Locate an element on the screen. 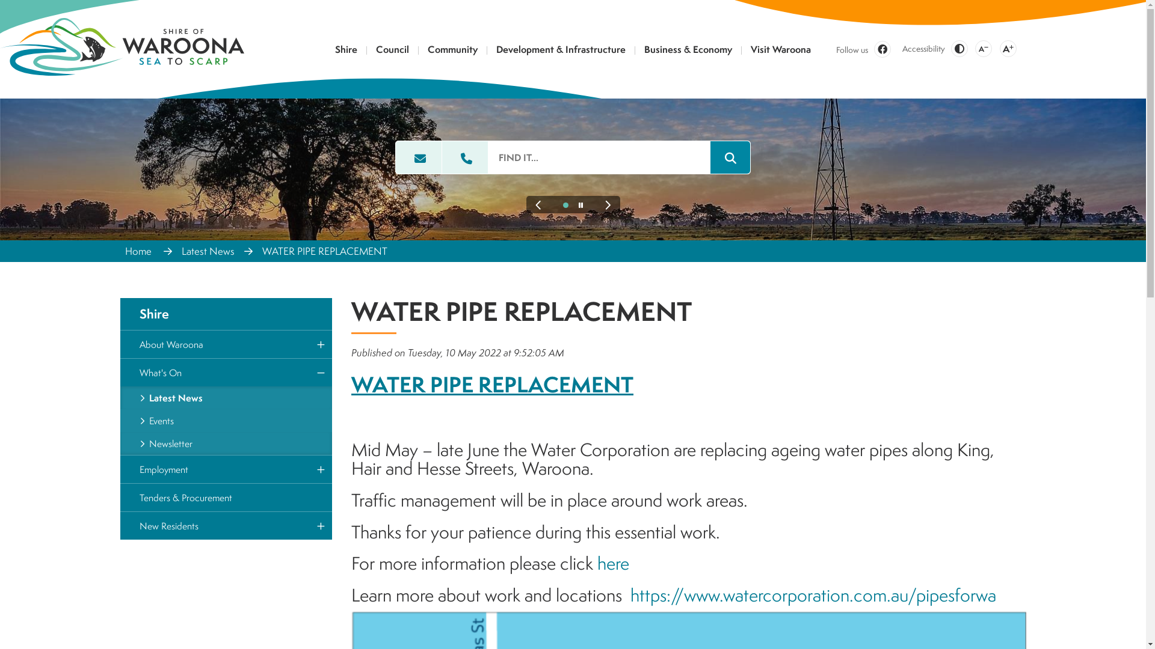  'Community' is located at coordinates (452, 52).